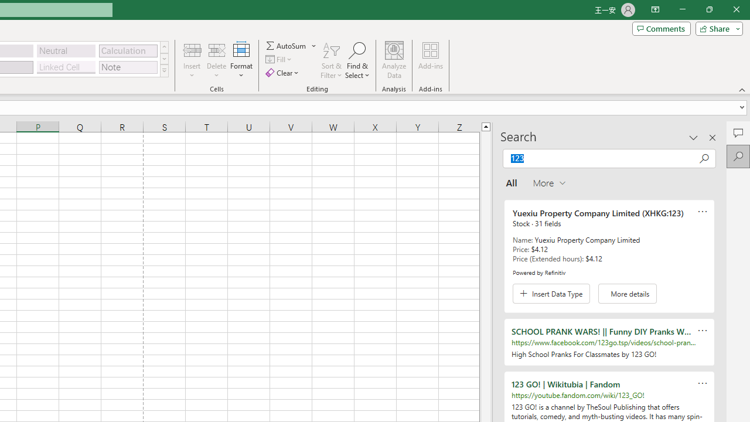 This screenshot has width=750, height=422. Describe the element at coordinates (163, 70) in the screenshot. I see `'Cell Styles'` at that location.